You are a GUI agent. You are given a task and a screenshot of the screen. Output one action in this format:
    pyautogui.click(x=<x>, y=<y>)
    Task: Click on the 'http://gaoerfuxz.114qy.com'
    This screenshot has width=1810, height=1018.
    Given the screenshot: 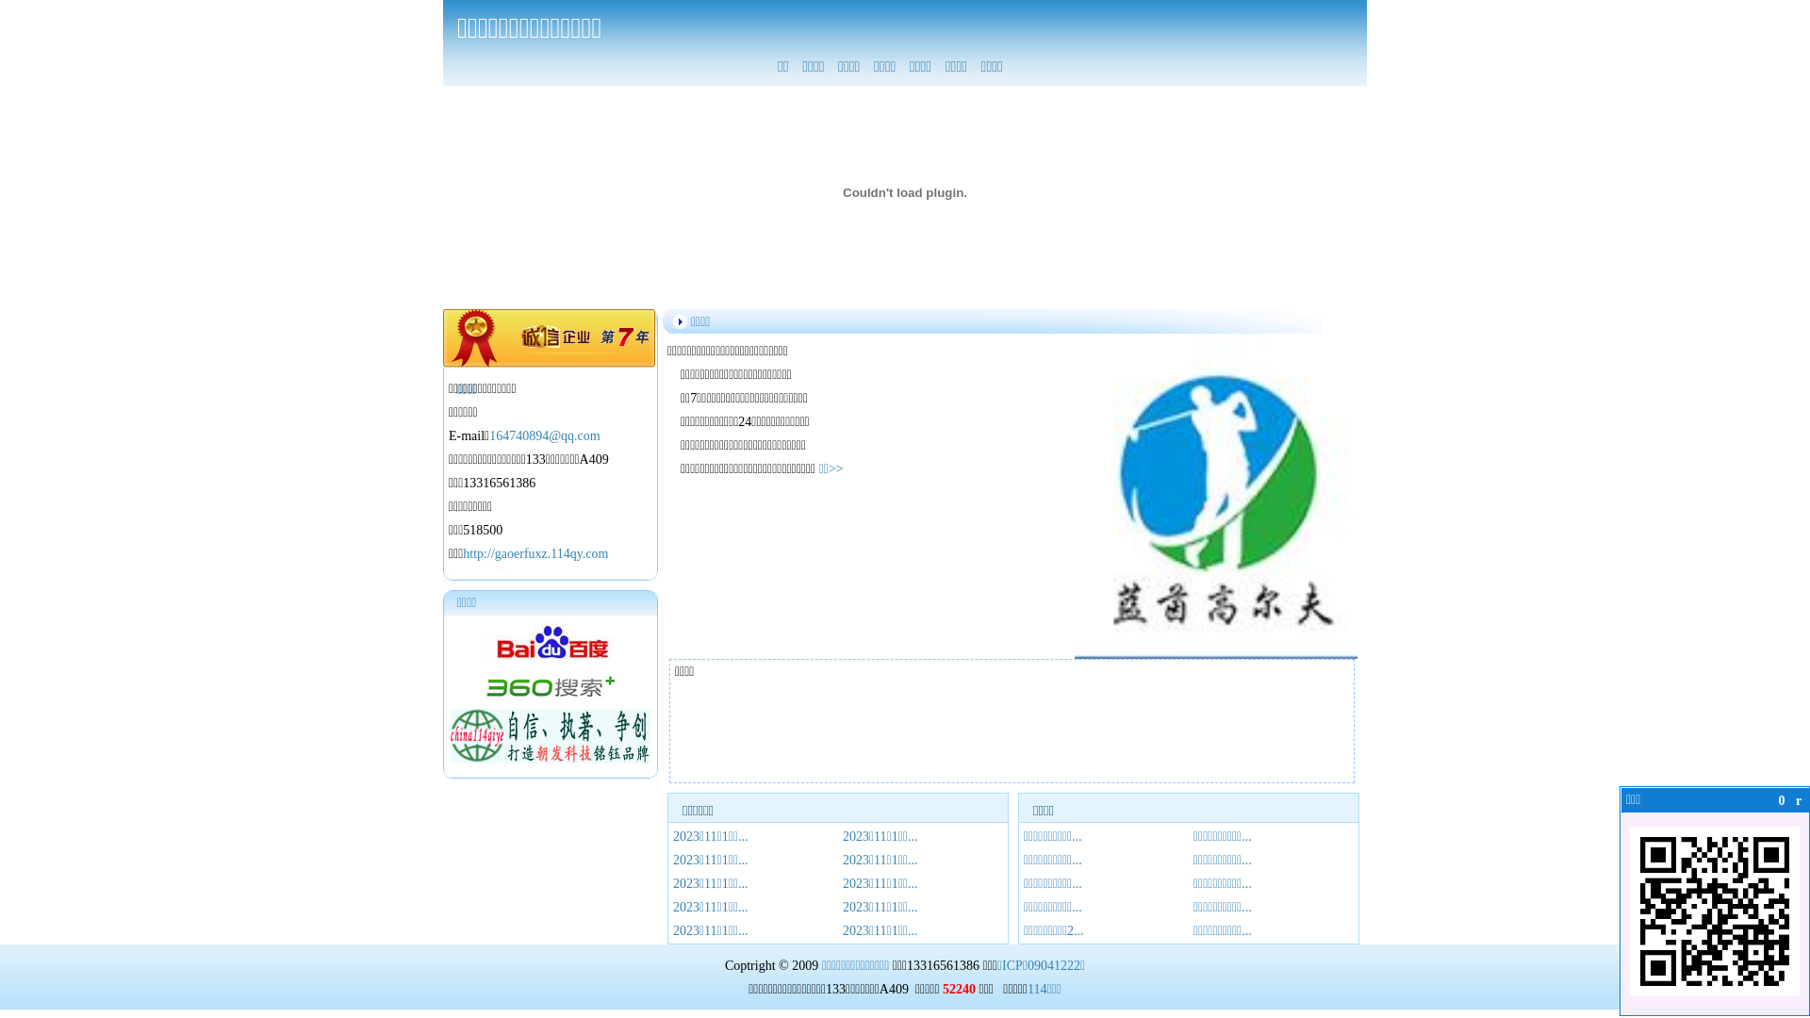 What is the action you would take?
    pyautogui.click(x=534, y=552)
    